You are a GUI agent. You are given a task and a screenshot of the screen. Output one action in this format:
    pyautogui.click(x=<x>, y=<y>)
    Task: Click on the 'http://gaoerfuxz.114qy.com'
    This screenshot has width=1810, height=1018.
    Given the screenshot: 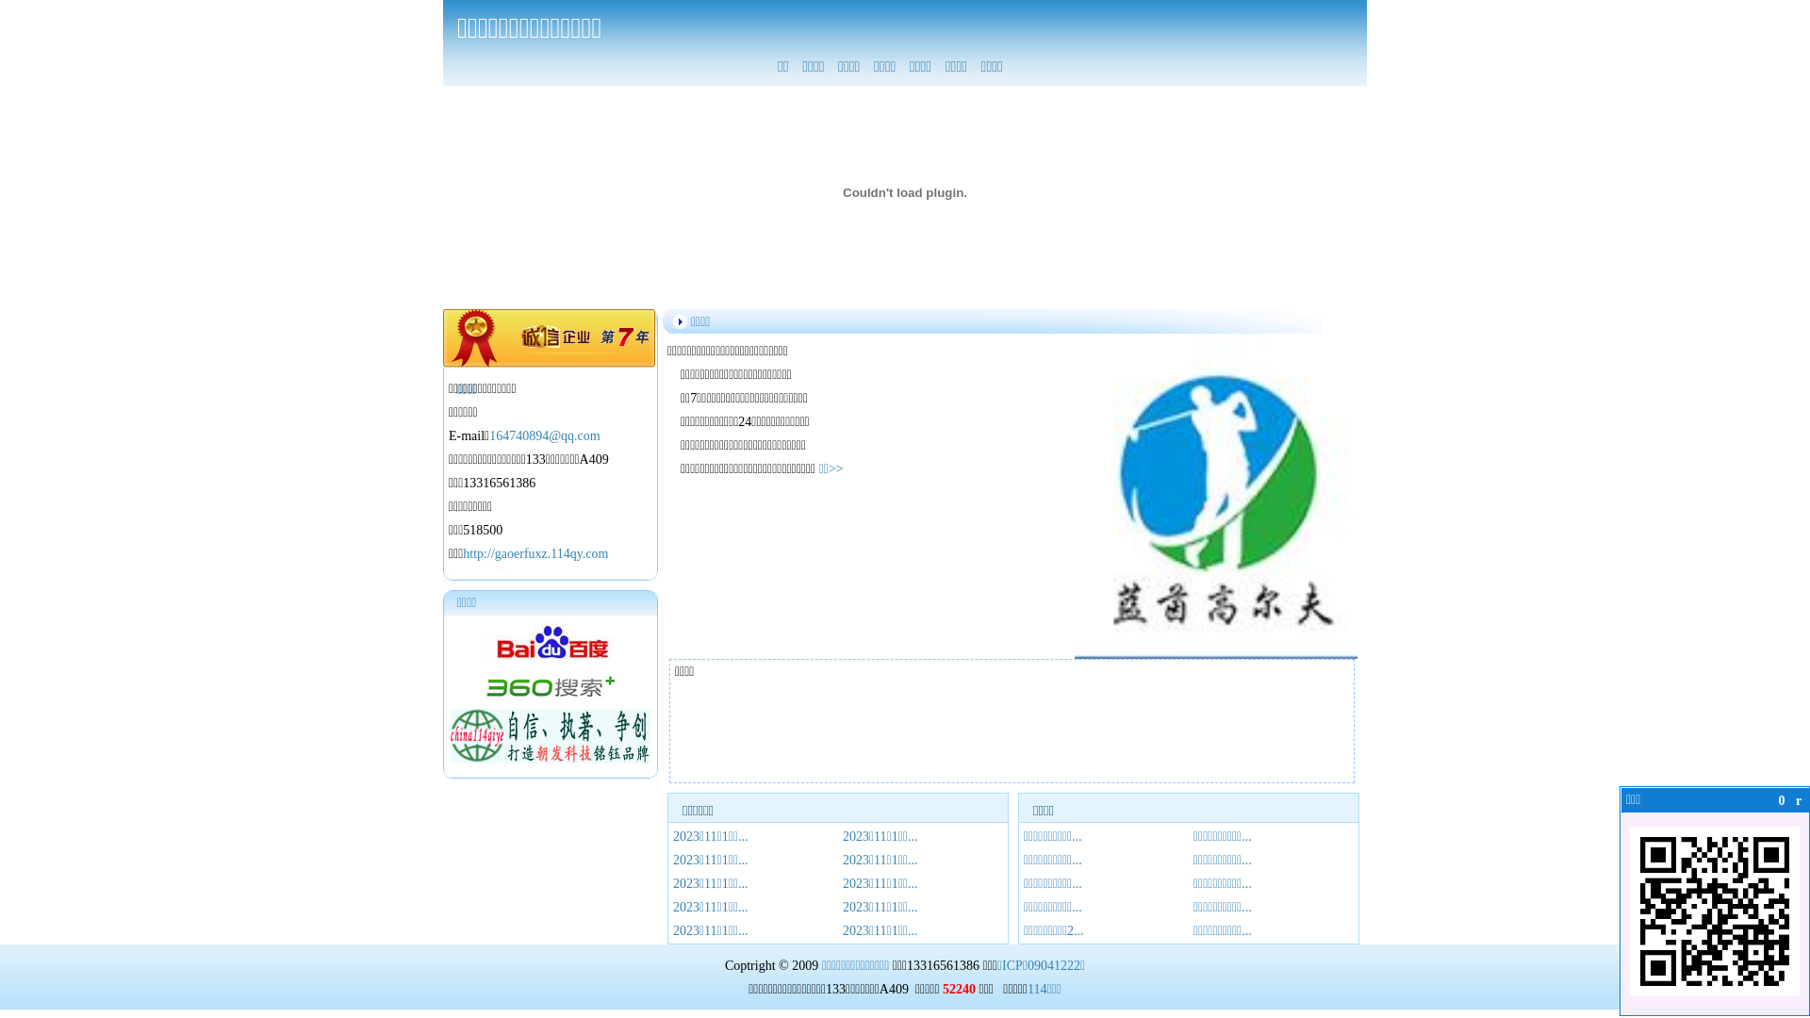 What is the action you would take?
    pyautogui.click(x=534, y=552)
    